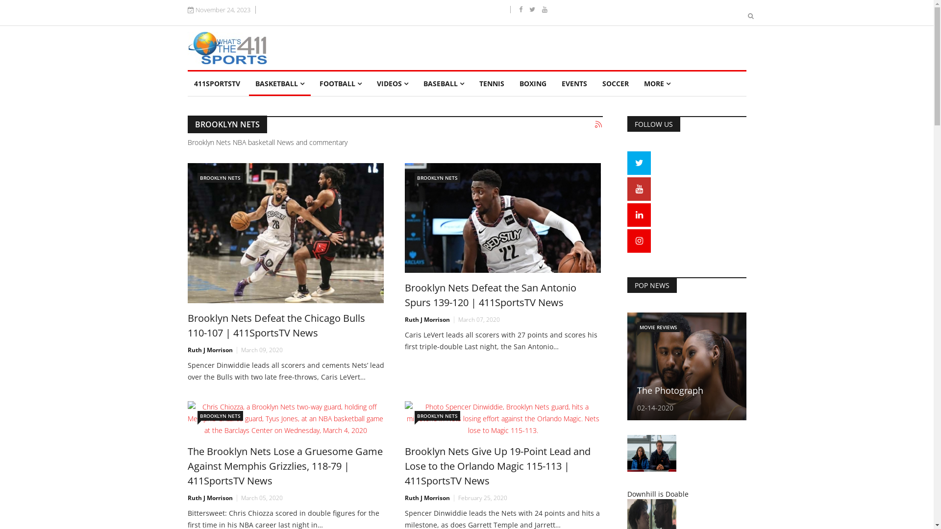 This screenshot has height=529, width=941. What do you see at coordinates (658, 494) in the screenshot?
I see `'Downhill is Doable'` at bounding box center [658, 494].